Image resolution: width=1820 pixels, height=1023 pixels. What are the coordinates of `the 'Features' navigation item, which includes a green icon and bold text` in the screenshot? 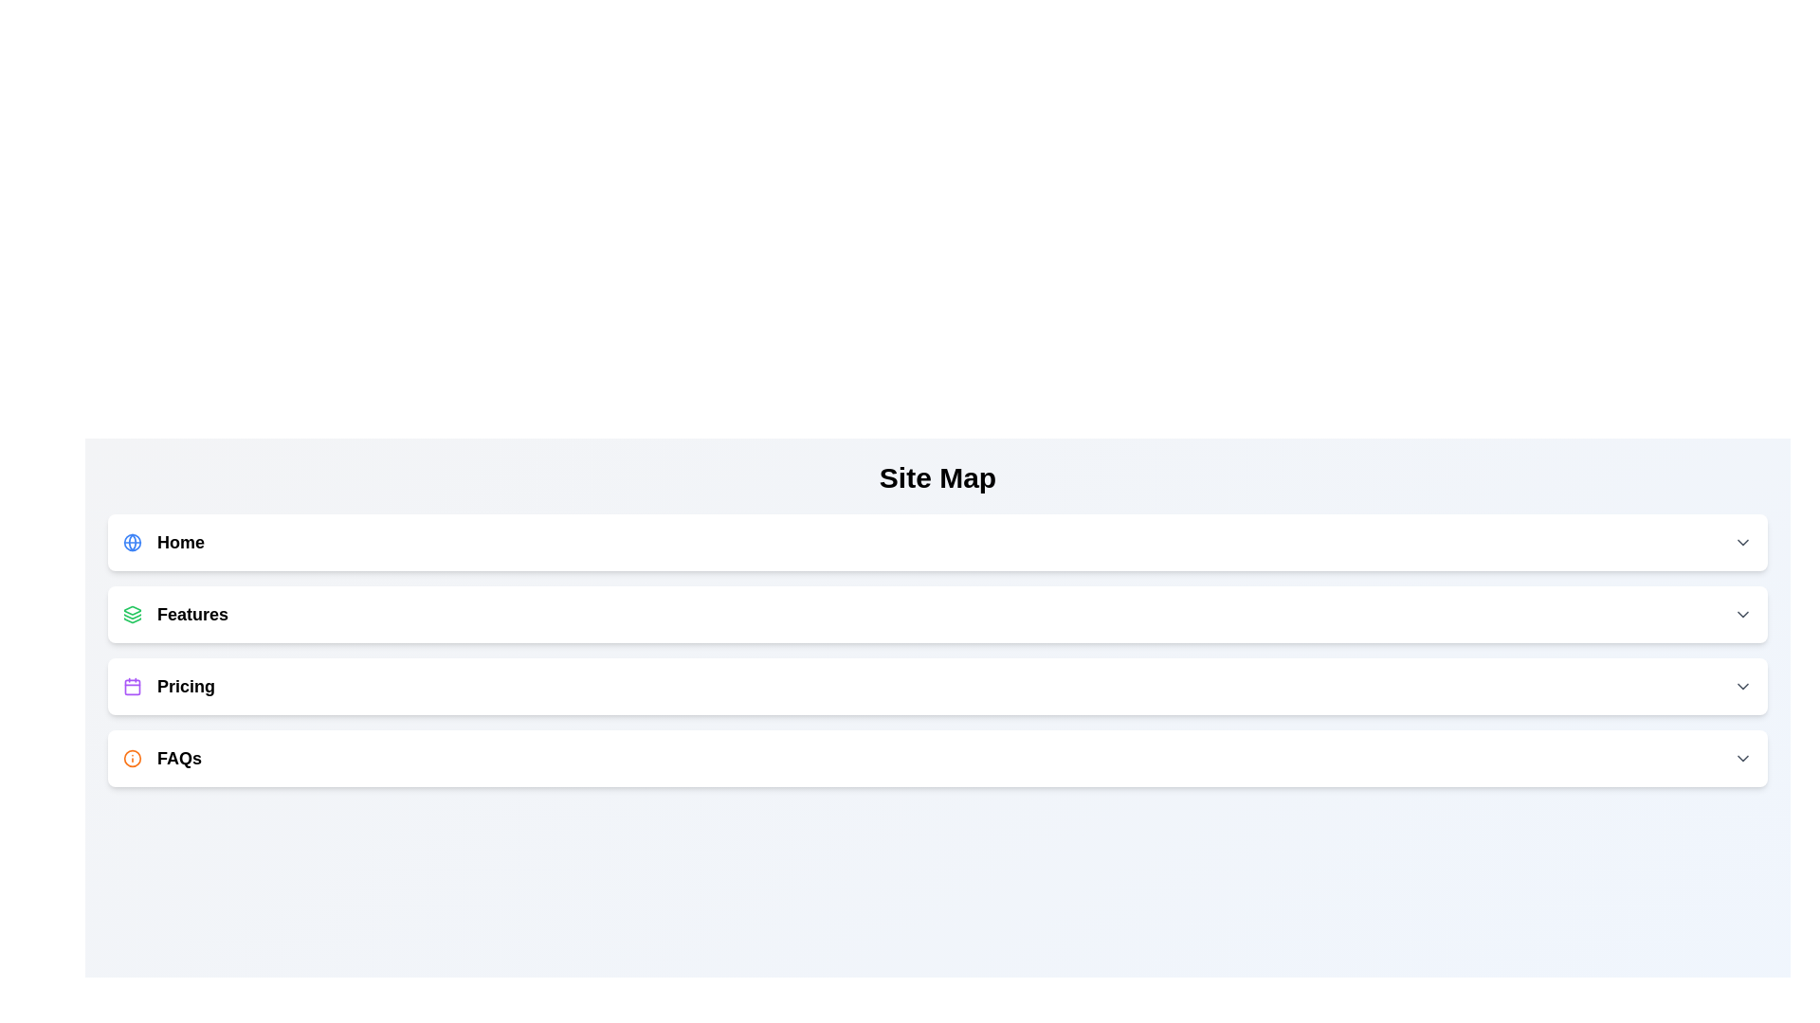 It's located at (175, 614).